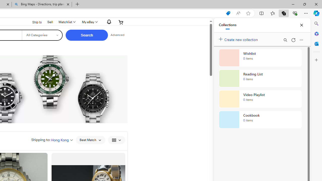 This screenshot has width=322, height=181. Describe the element at coordinates (116, 140) in the screenshot. I see `'View: Gallery View'` at that location.